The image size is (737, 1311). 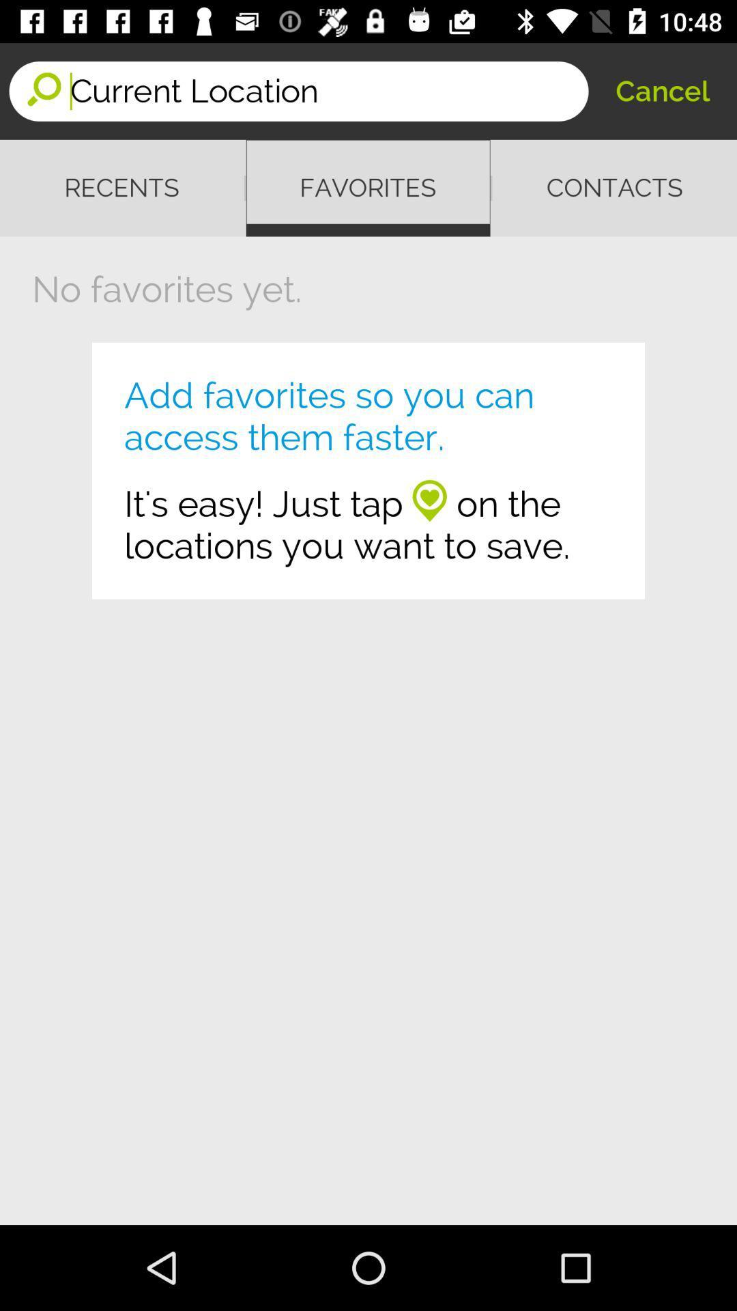 I want to click on cancel item, so click(x=662, y=90).